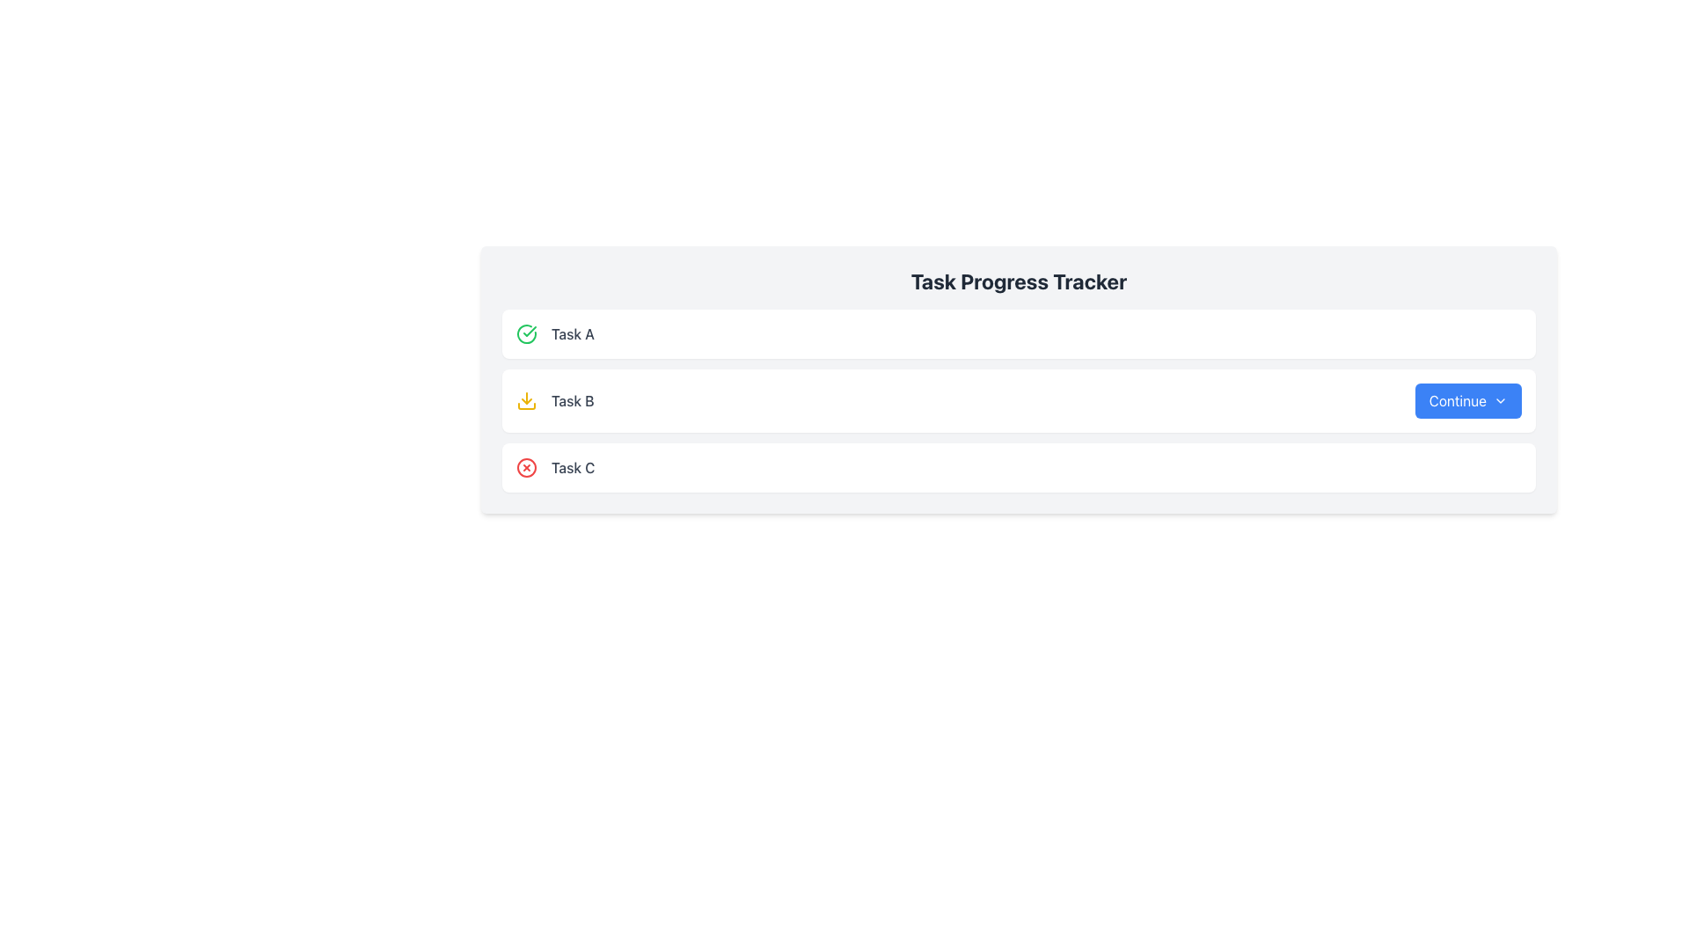  I want to click on to select the 'Task A' status label with the green checkmark icon, which indicates that the task is completed. This element is the first entry in a vertical list of tasks, so click(554, 334).